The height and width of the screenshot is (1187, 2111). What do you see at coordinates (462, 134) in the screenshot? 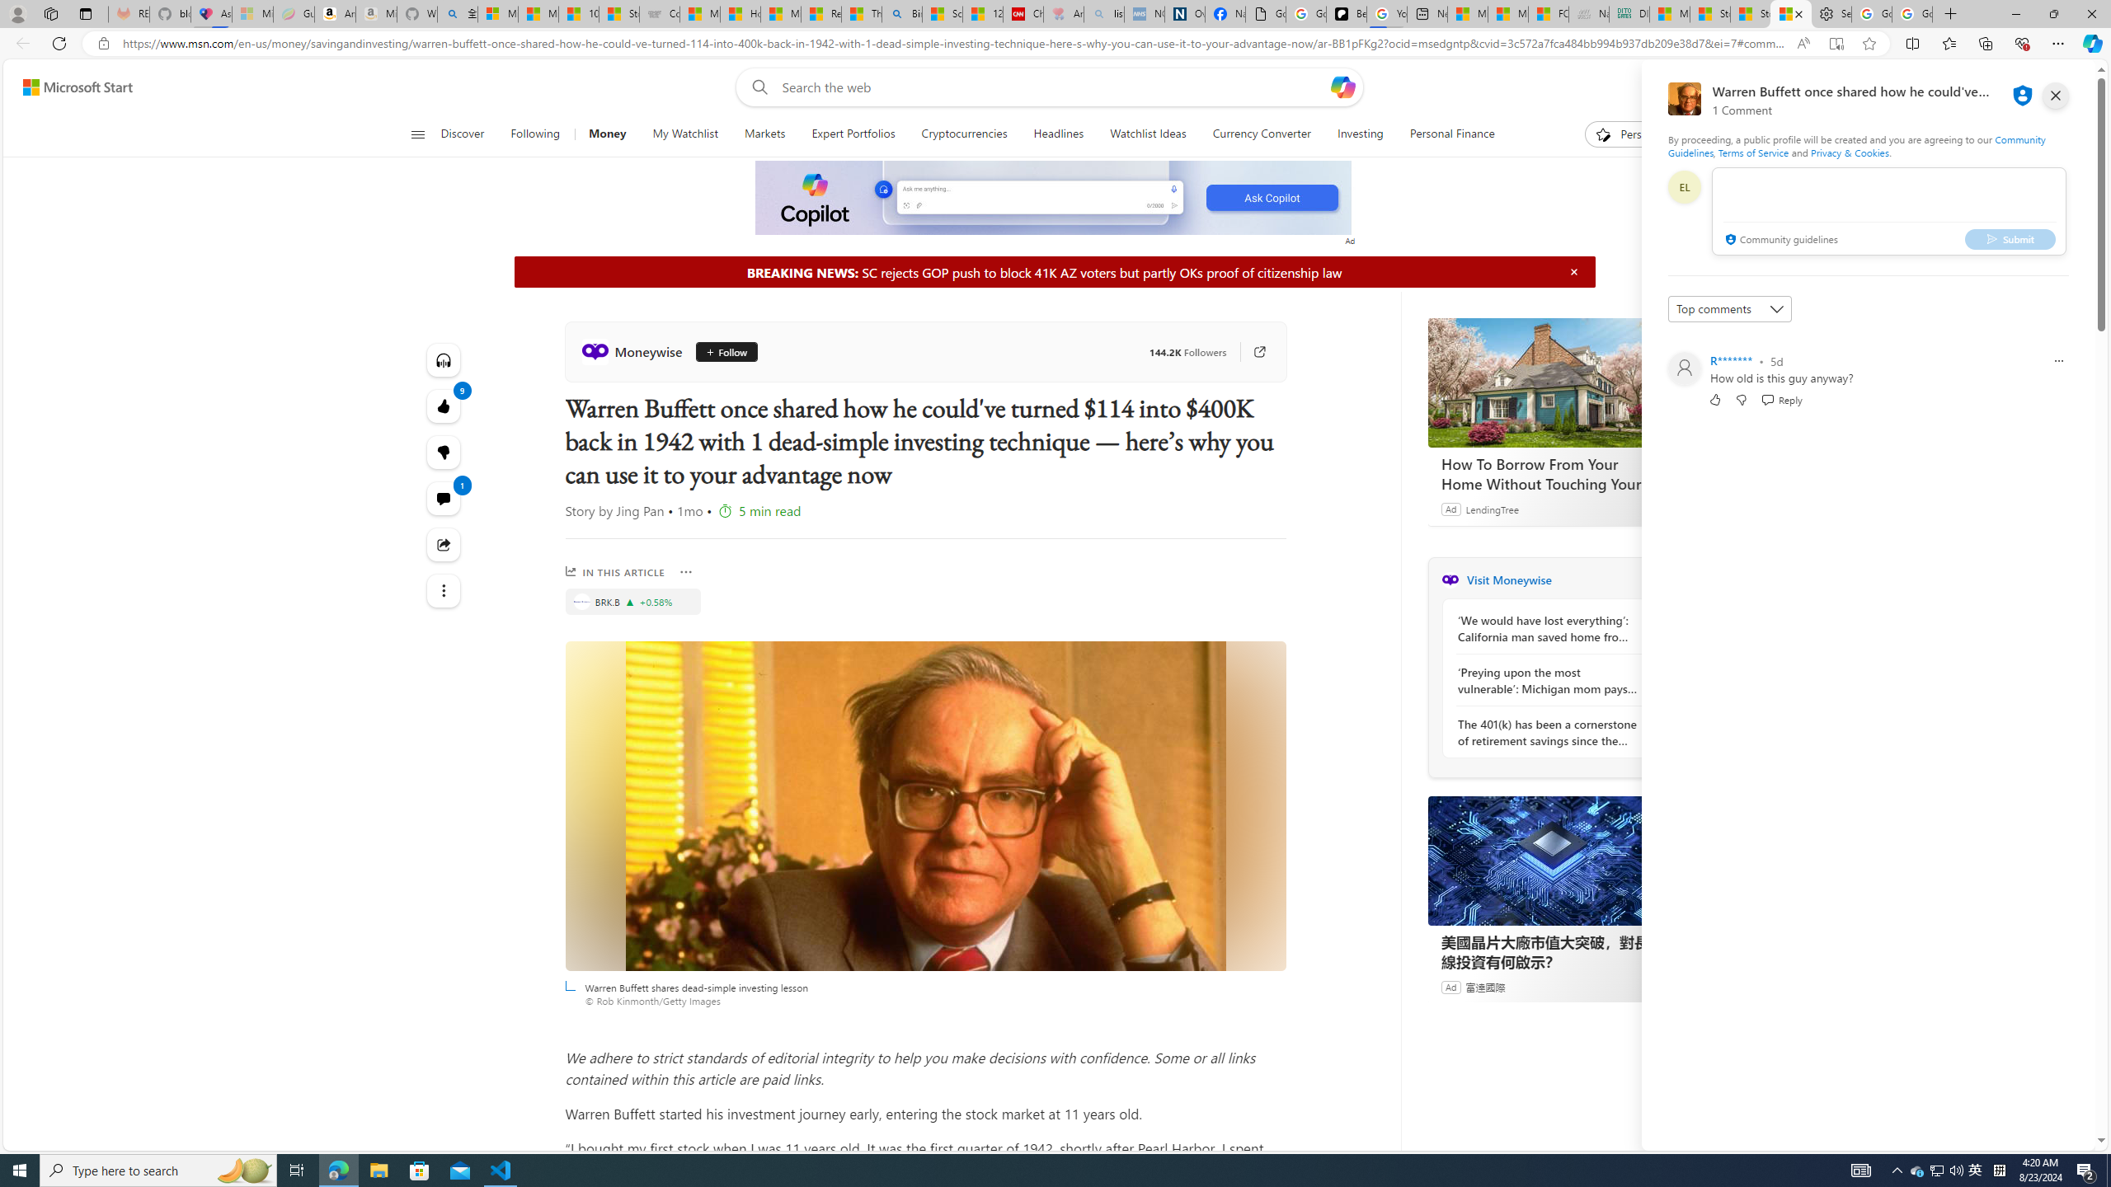
I see `'Discover'` at bounding box center [462, 134].